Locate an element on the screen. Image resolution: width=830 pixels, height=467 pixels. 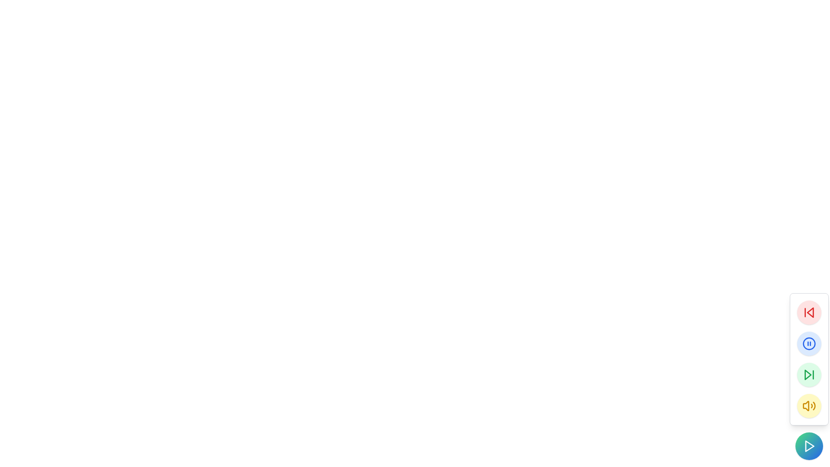
the triangular-shaped icon within the circular button located in the fourth position from the top in a vertical stack to play is located at coordinates (809, 446).